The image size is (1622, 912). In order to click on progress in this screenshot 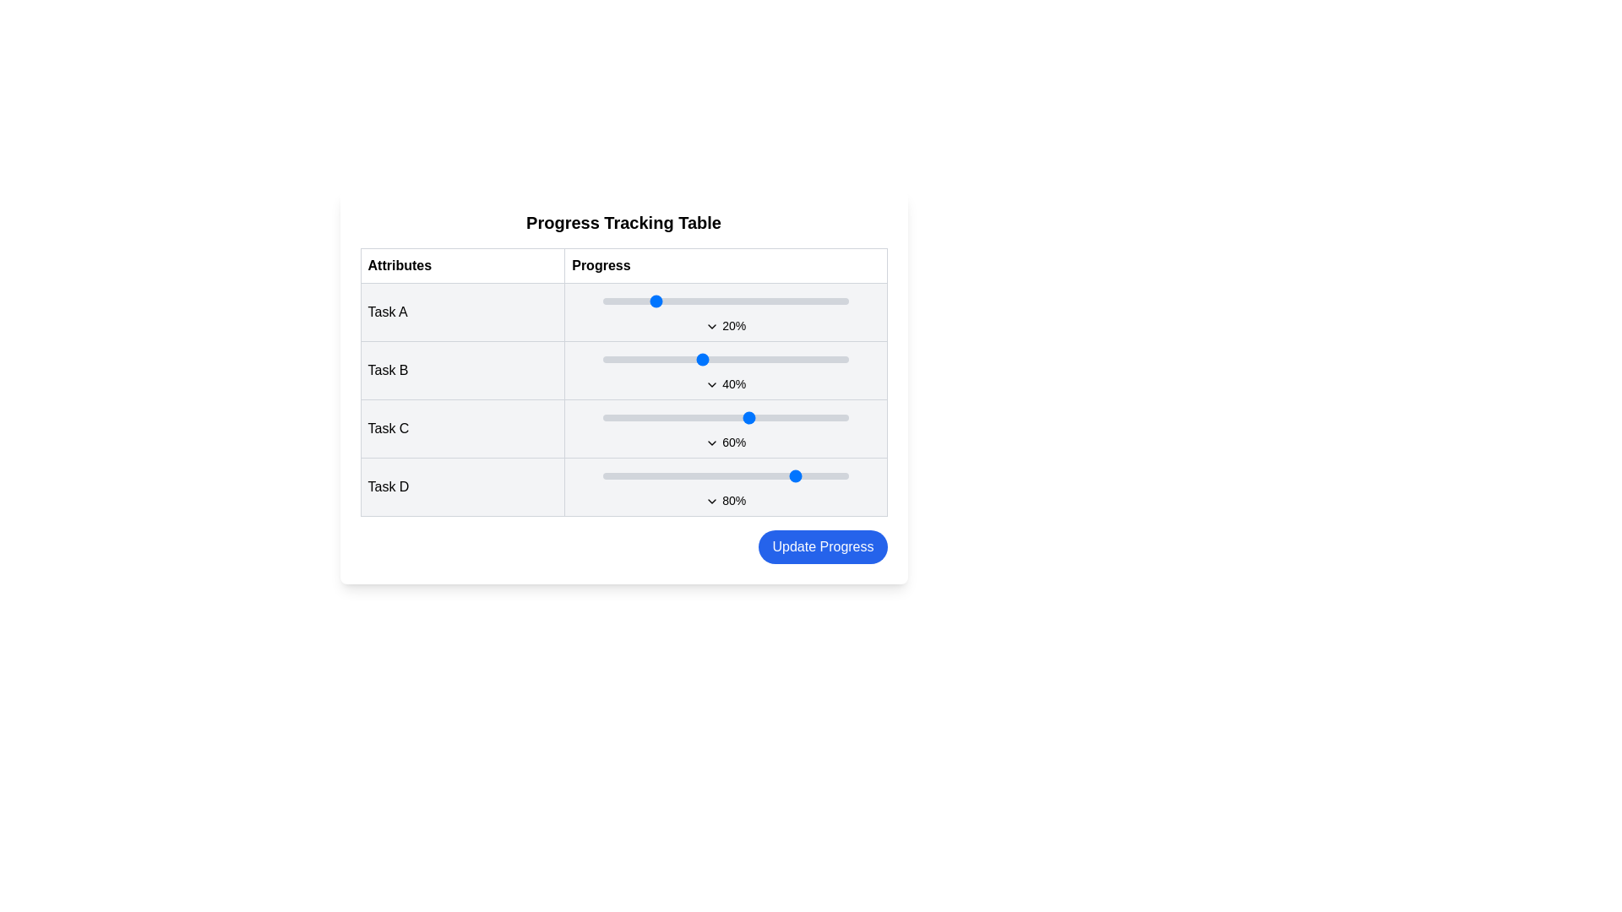, I will do `click(728, 358)`.